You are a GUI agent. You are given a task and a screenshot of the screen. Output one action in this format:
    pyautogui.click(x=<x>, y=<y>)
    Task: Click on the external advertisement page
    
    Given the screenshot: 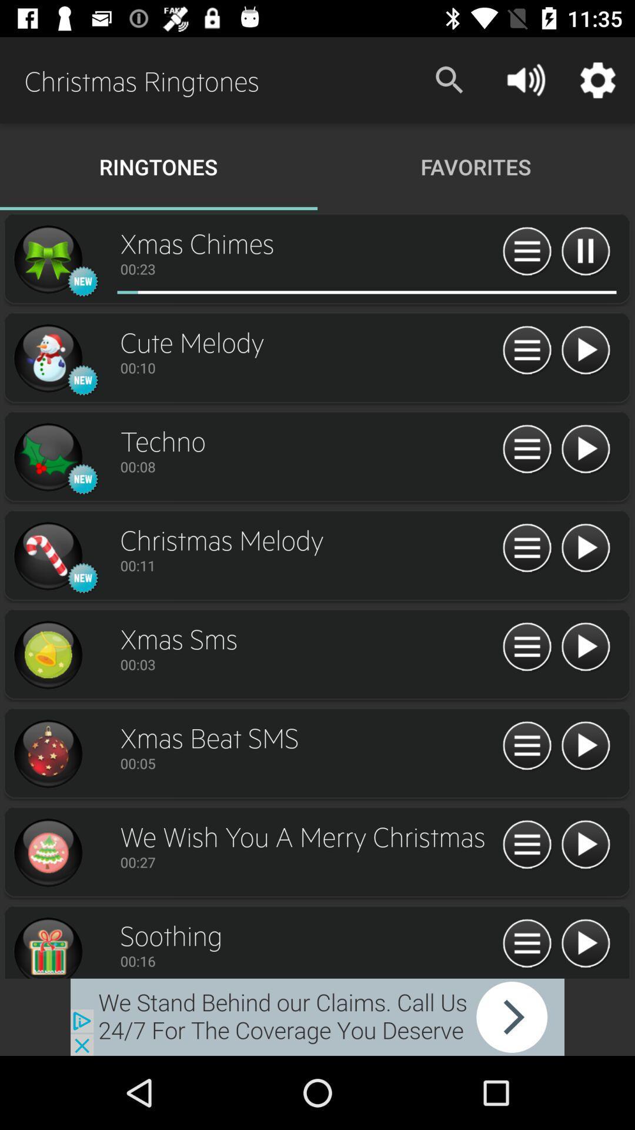 What is the action you would take?
    pyautogui.click(x=317, y=1016)
    